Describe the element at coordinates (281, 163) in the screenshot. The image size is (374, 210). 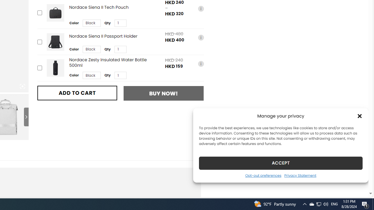
I see `'ACCEPT'` at that location.